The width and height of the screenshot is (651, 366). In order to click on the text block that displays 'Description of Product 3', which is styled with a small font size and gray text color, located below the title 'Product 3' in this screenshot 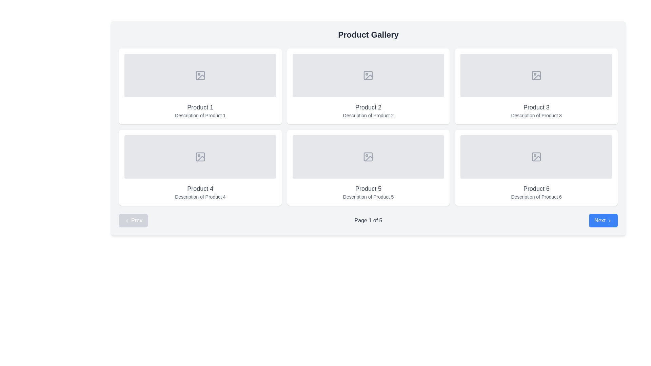, I will do `click(536, 115)`.